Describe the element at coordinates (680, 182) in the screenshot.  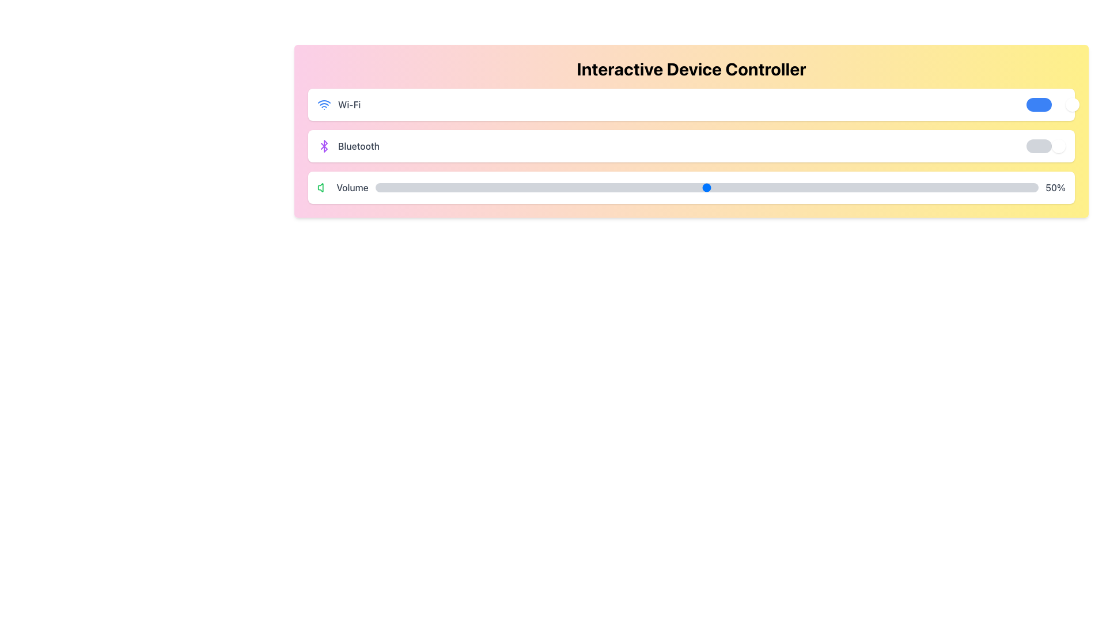
I see `the slider value` at that location.